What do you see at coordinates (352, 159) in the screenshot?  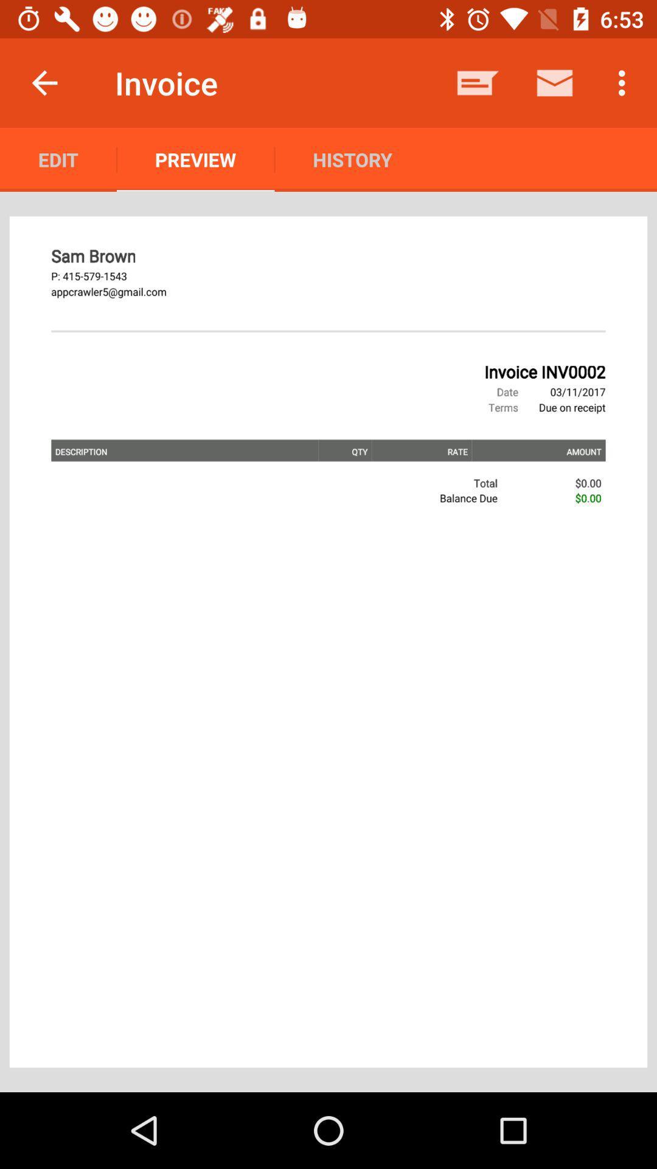 I see `the history icon` at bounding box center [352, 159].